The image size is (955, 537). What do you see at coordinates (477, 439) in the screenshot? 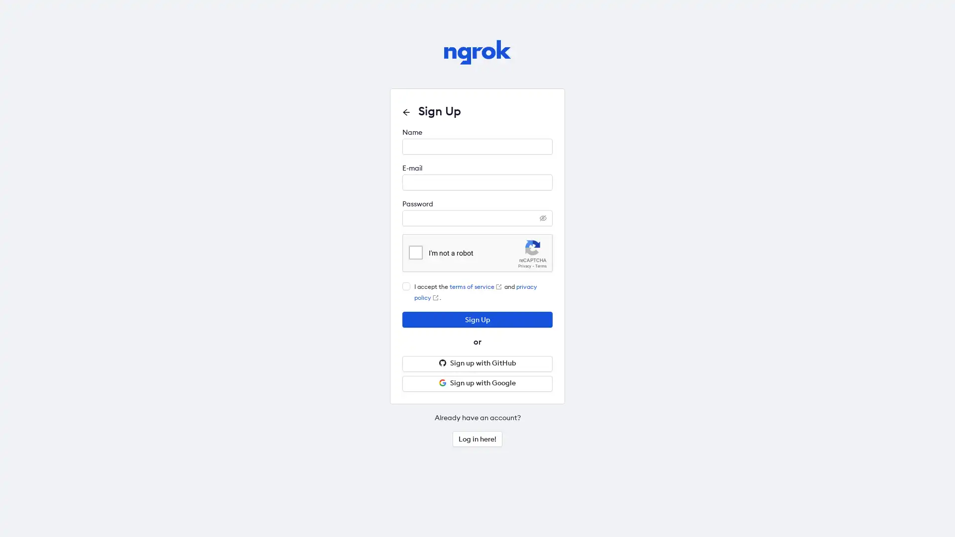
I see `Log in here!` at bounding box center [477, 439].